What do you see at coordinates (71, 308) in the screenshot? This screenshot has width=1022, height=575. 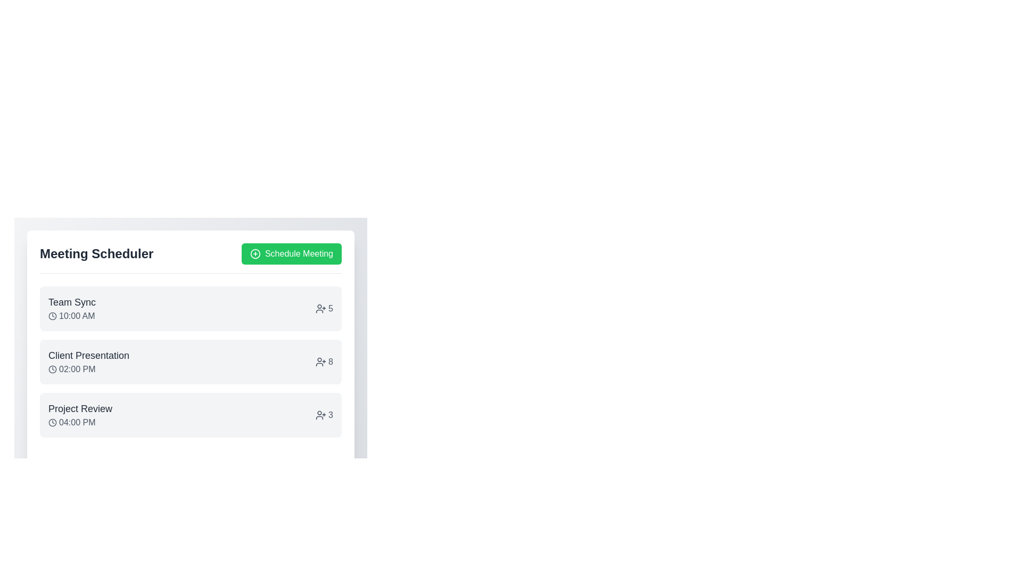 I see `meeting title 'Team Sync' and time '10:00 AM' displayed on the TextLabel element located in the 'Meeting Scheduler' section` at bounding box center [71, 308].